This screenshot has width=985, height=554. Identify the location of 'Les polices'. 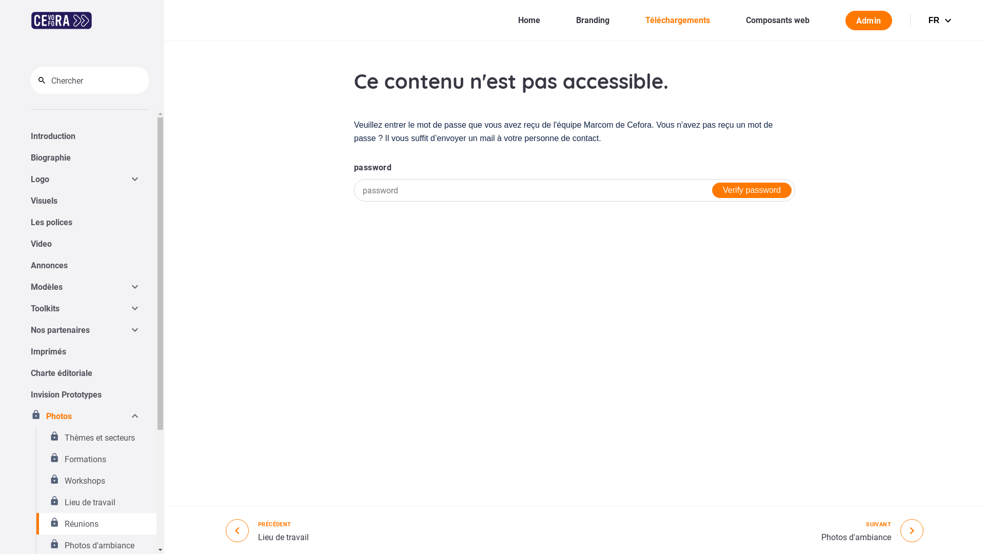
(86, 221).